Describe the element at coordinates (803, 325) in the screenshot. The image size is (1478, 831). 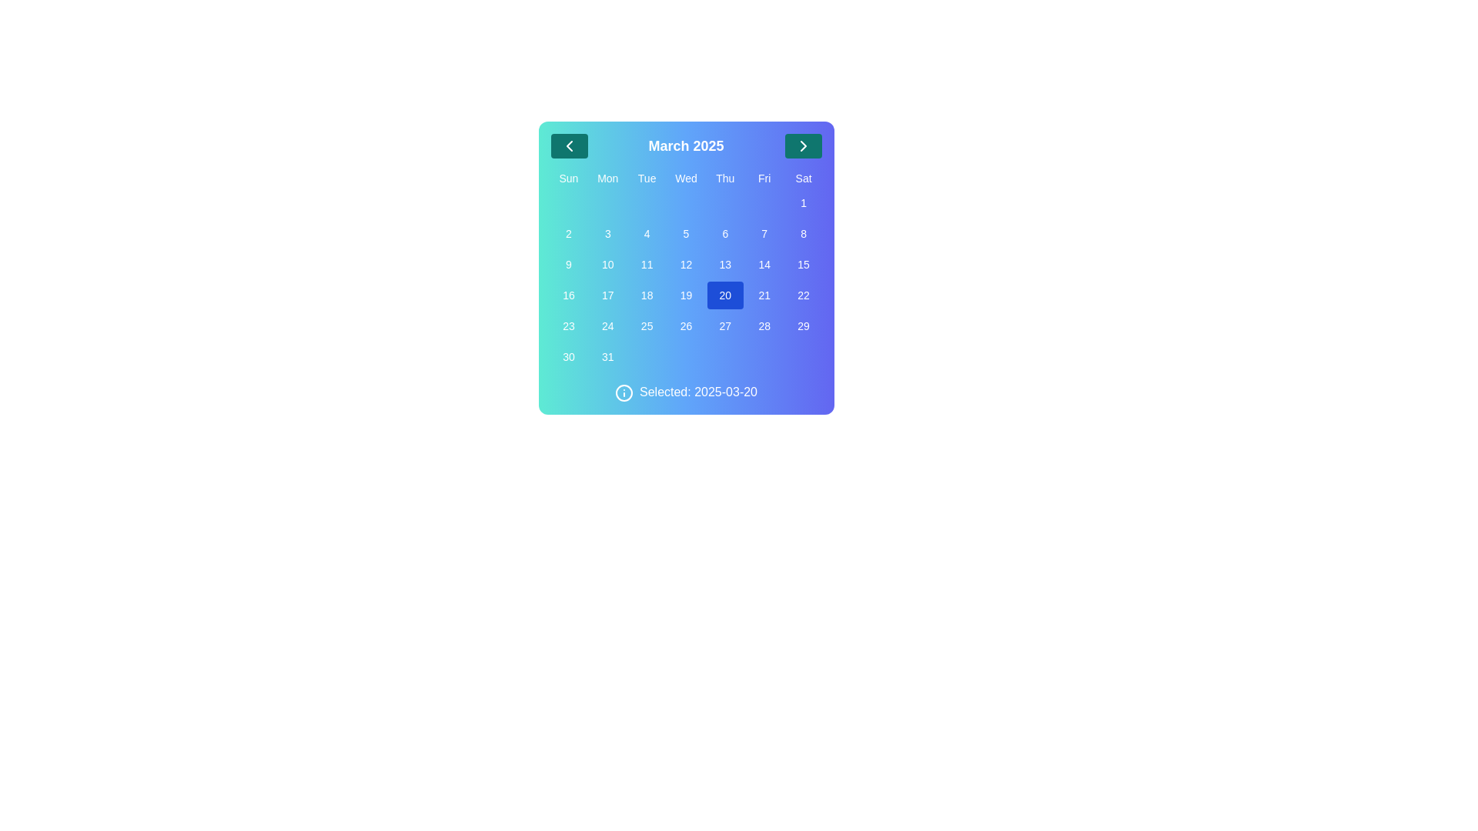
I see `the button representing the date '29' in the last column of the bottom row of the calendar interface` at that location.